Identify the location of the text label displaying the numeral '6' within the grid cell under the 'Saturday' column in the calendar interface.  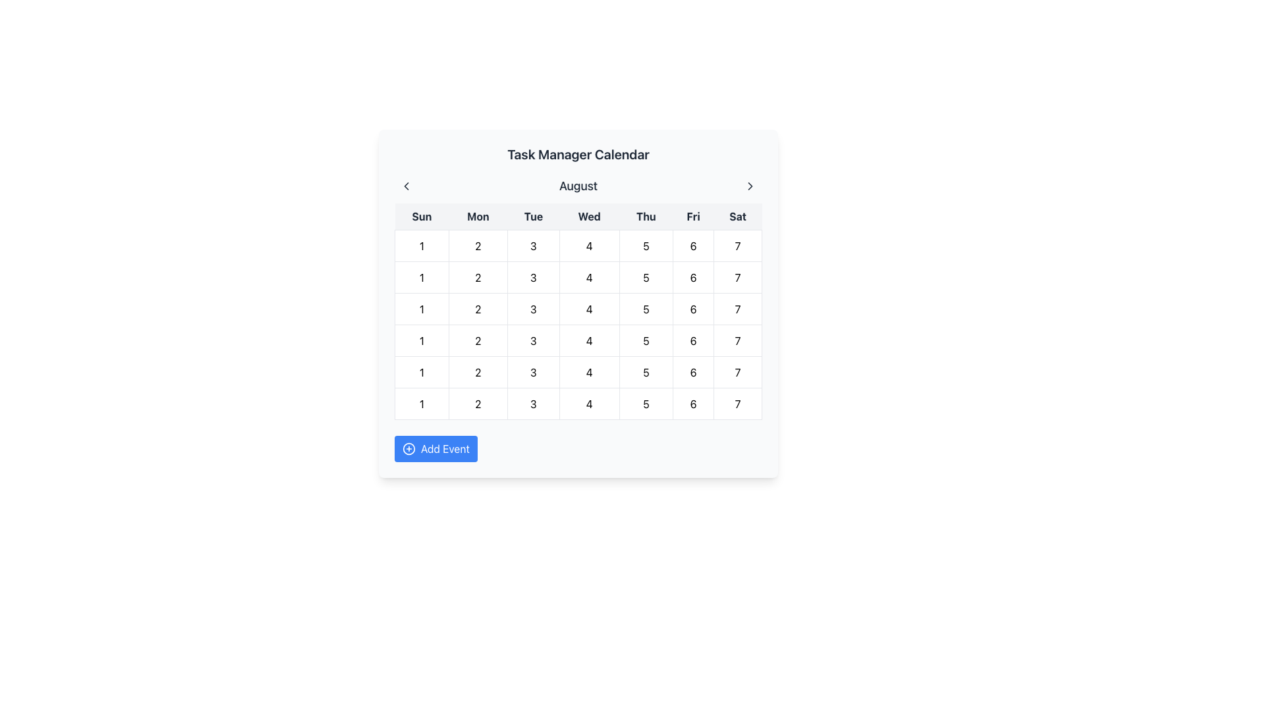
(692, 276).